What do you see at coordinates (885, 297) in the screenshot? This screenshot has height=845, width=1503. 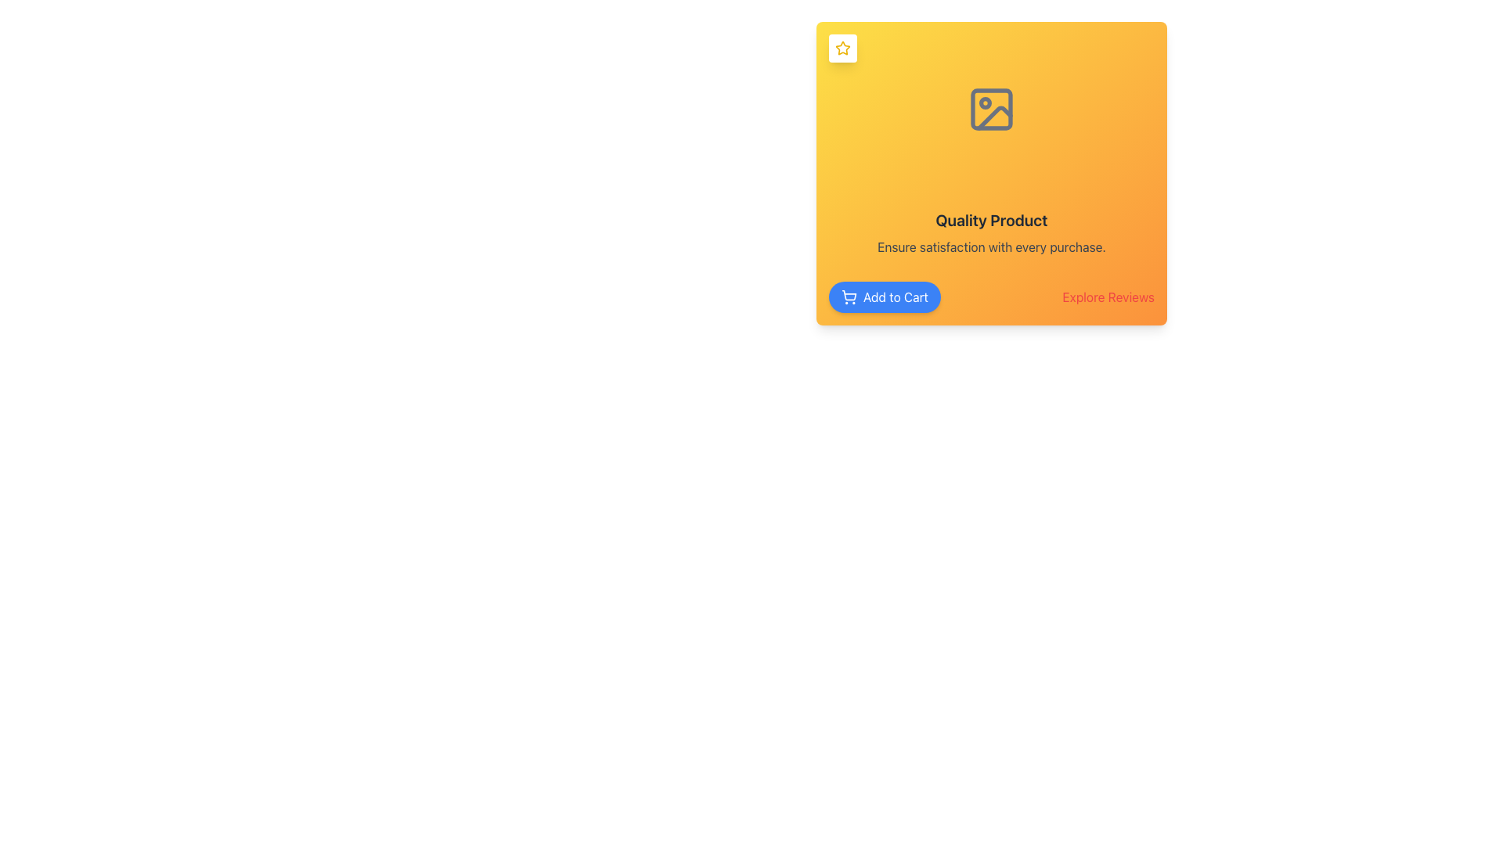 I see `the 'Add to Cart' button` at bounding box center [885, 297].